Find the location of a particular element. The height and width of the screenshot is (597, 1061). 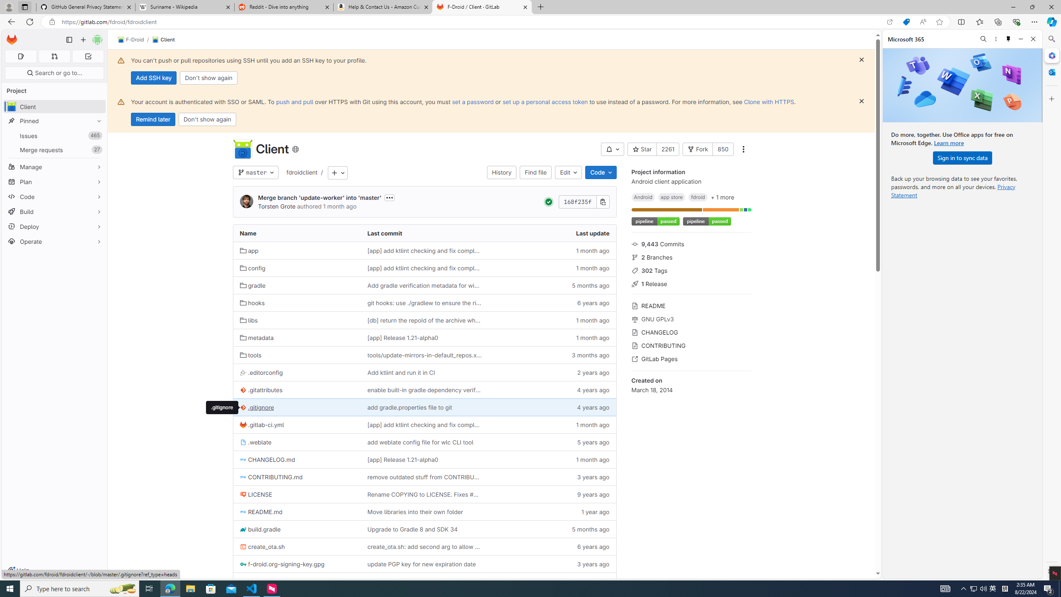

'CHANGELOG' is located at coordinates (691, 332).